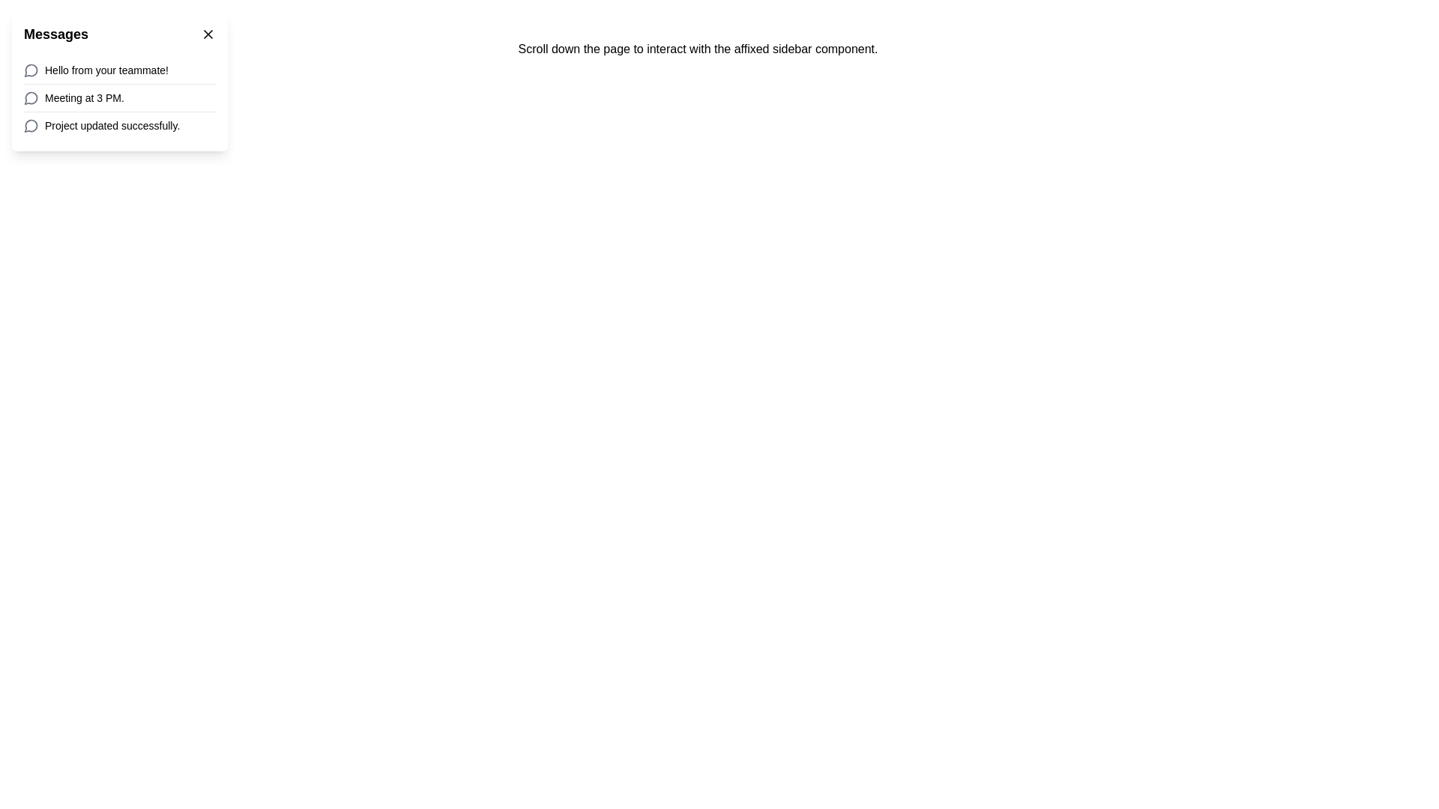 The width and height of the screenshot is (1439, 809). I want to click on the notification label about the event scheduled at 3 PM, located below 'Hello from your teammate!' and above 'Project updated successfully.', so click(118, 97).